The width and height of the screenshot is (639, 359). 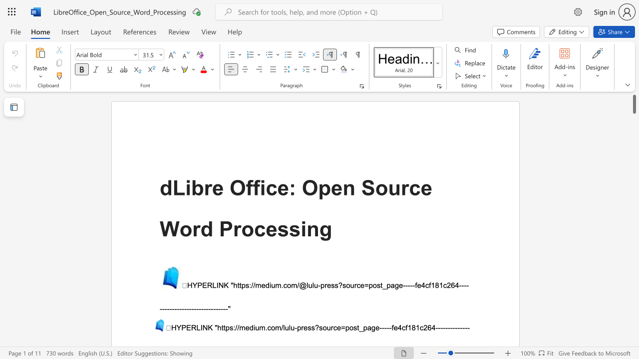 I want to click on the scrollbar to move the view down, so click(x=634, y=263).